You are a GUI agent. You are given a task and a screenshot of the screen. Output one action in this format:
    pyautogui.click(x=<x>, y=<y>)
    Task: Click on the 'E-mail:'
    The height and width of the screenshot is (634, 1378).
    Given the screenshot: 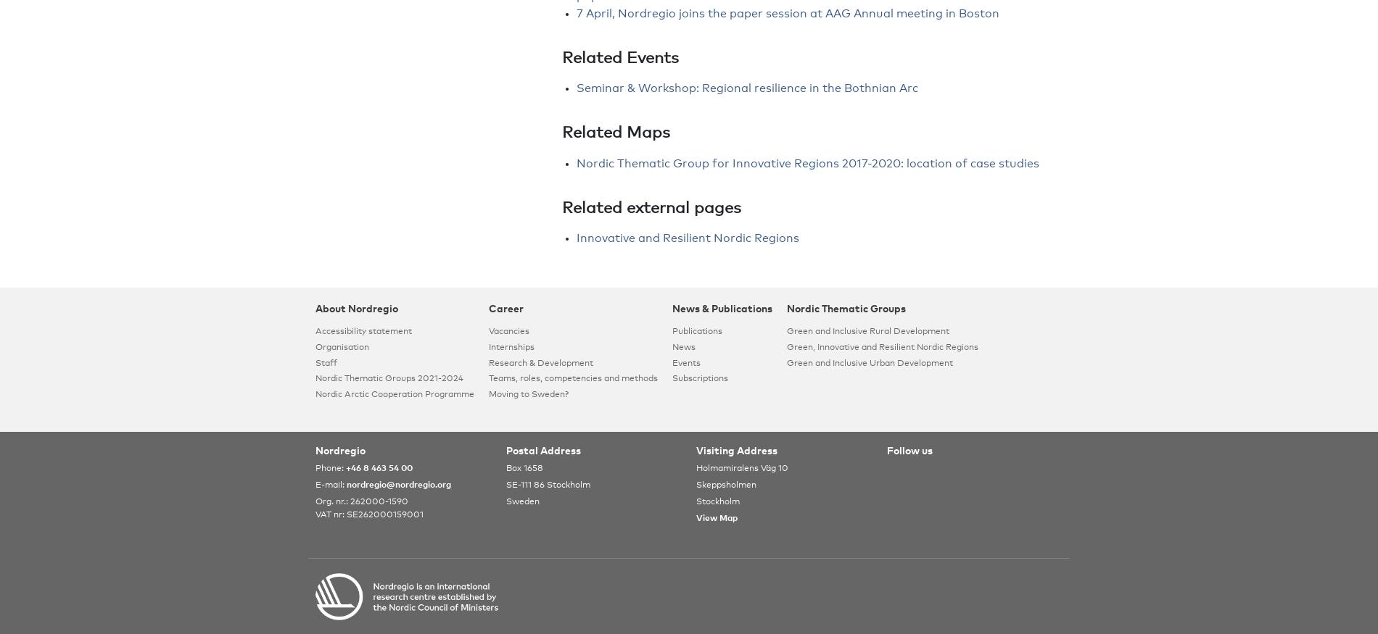 What is the action you would take?
    pyautogui.click(x=330, y=484)
    